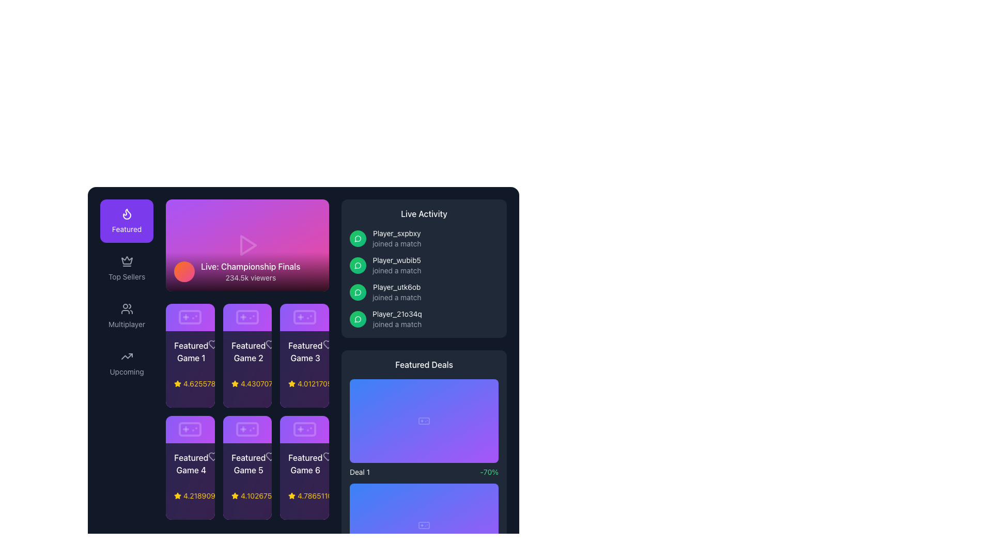 The height and width of the screenshot is (558, 992). Describe the element at coordinates (126, 316) in the screenshot. I see `the 'Multiplayer' button, which is a rectangular button with rounded corners, dark background, and light gray text, located as the third item in the vertical menu on the left side` at that location.